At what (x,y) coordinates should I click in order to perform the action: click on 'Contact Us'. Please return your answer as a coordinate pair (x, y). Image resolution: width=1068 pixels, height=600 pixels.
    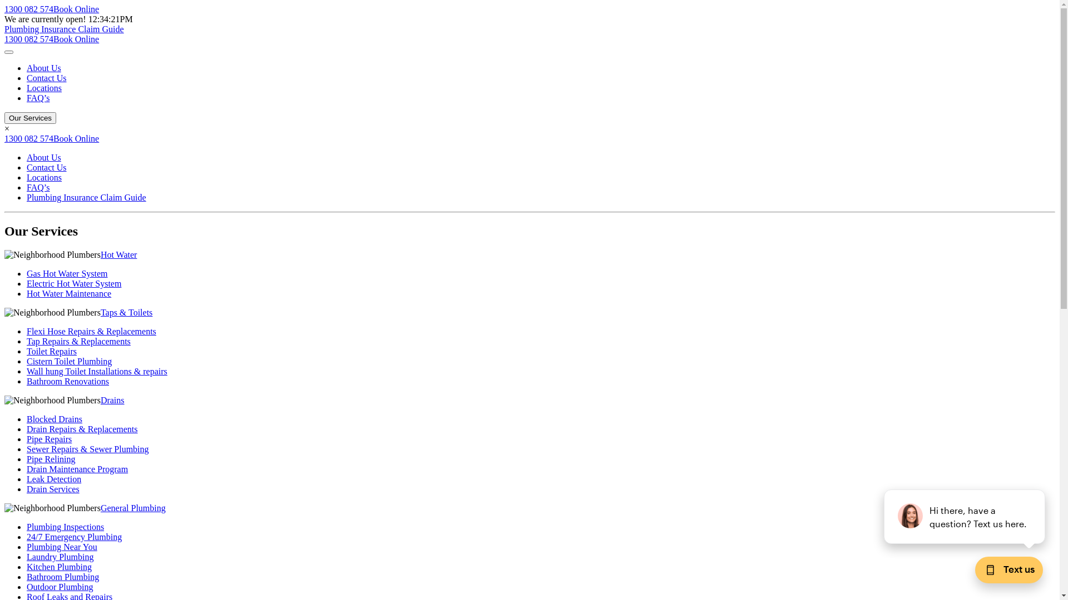
    Looking at the image, I should click on (46, 167).